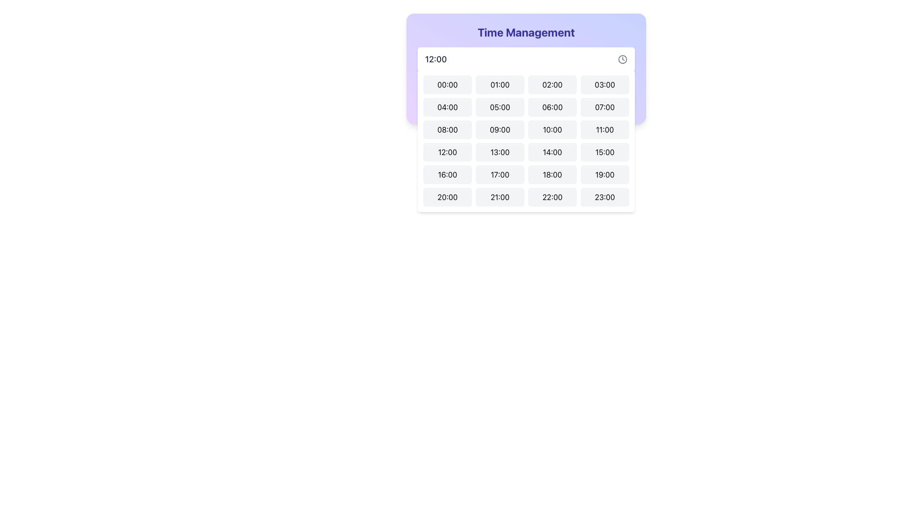  I want to click on the decorative SVG circle that is part of the clock icon located in the top-right corner of the white box area, just below the 'Time Management' heading, so click(622, 59).